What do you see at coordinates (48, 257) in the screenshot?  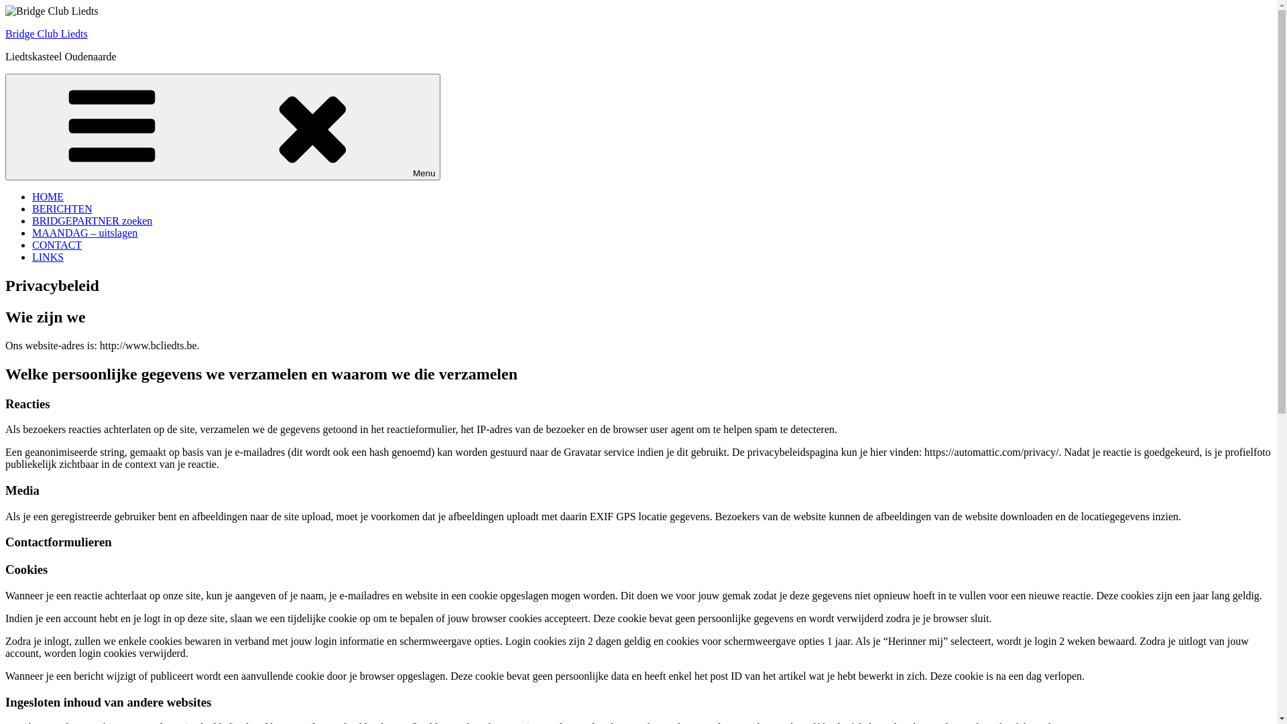 I see `'LINKS'` at bounding box center [48, 257].